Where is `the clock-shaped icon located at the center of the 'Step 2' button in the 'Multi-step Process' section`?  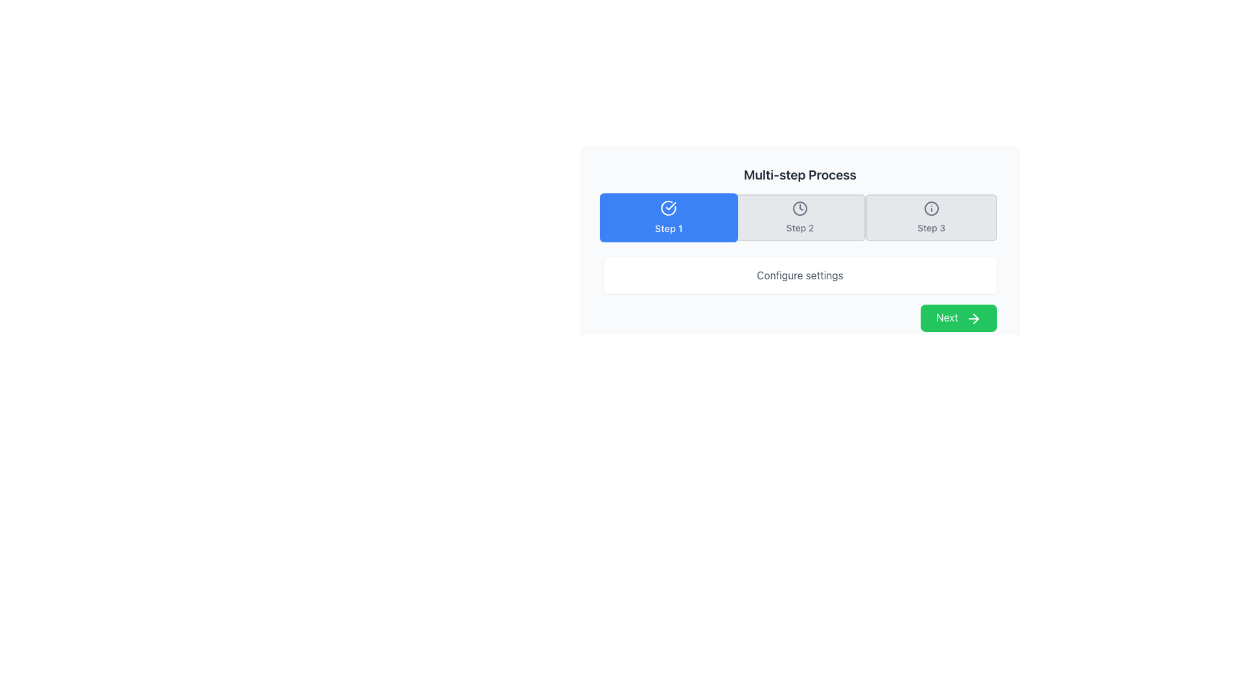
the clock-shaped icon located at the center of the 'Step 2' button in the 'Multi-step Process' section is located at coordinates (799, 207).